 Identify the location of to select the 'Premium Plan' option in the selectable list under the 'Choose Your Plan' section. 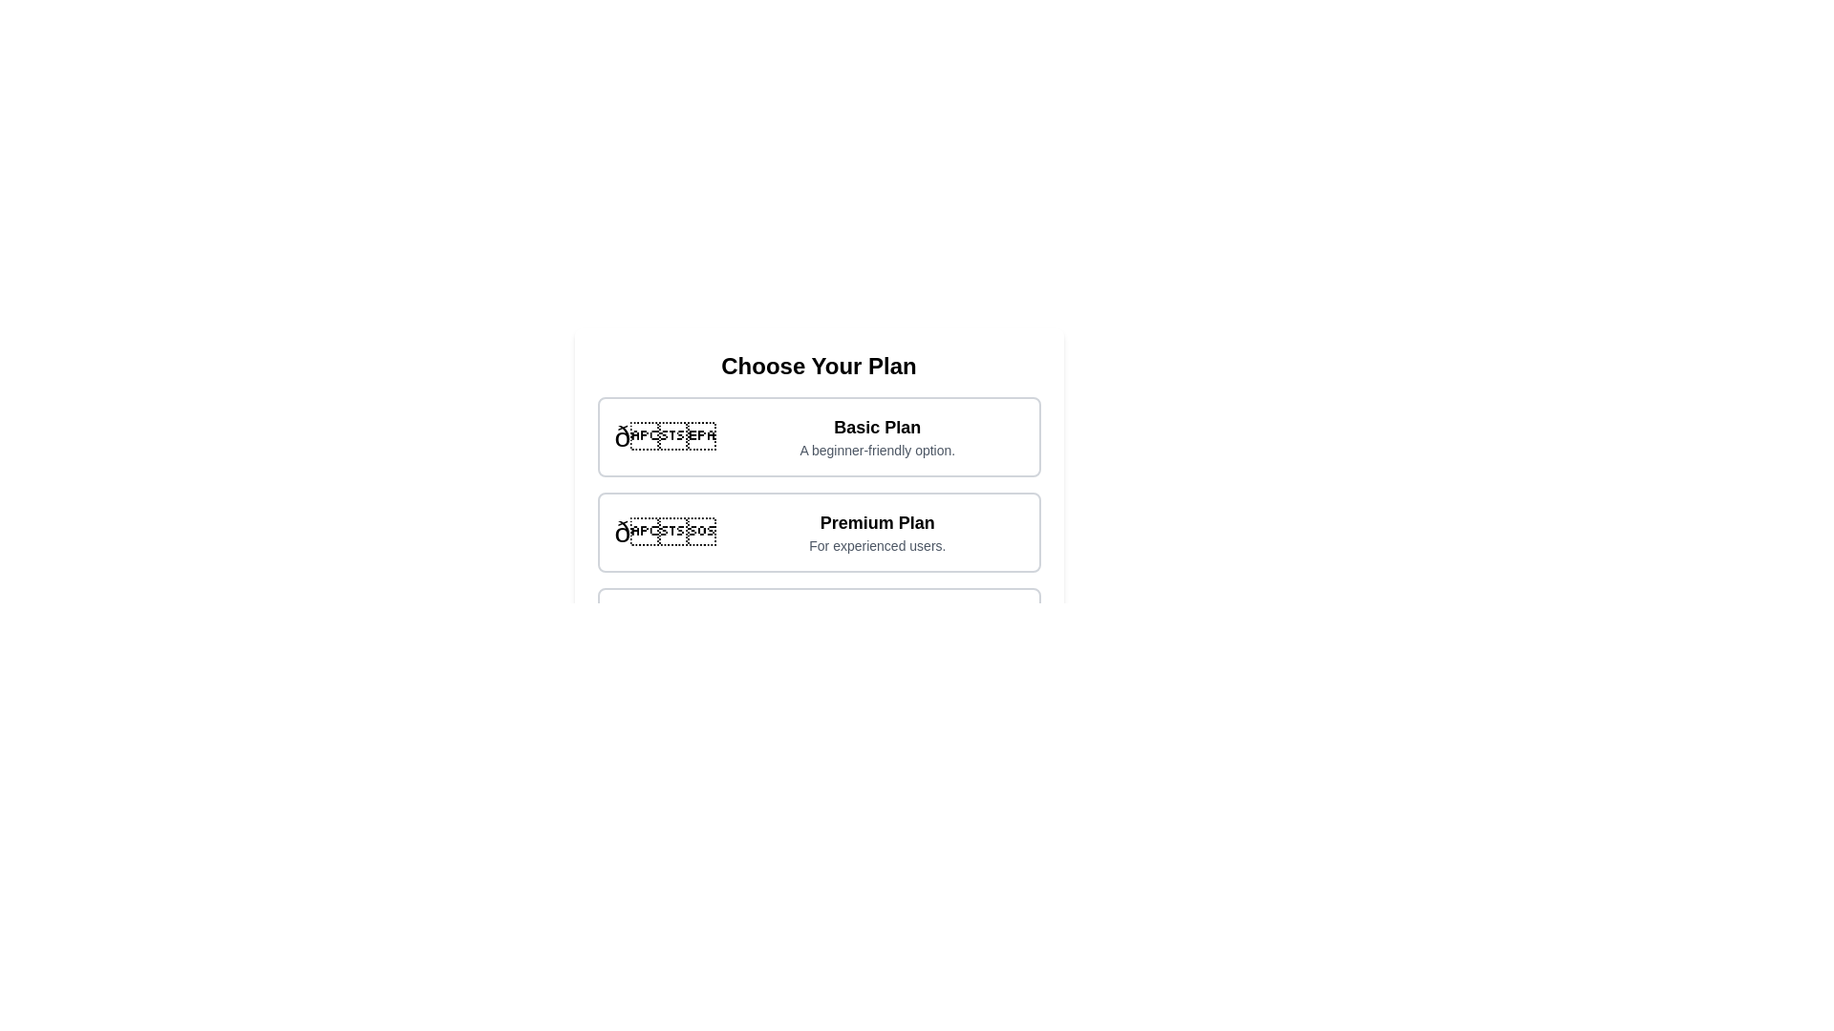
(819, 533).